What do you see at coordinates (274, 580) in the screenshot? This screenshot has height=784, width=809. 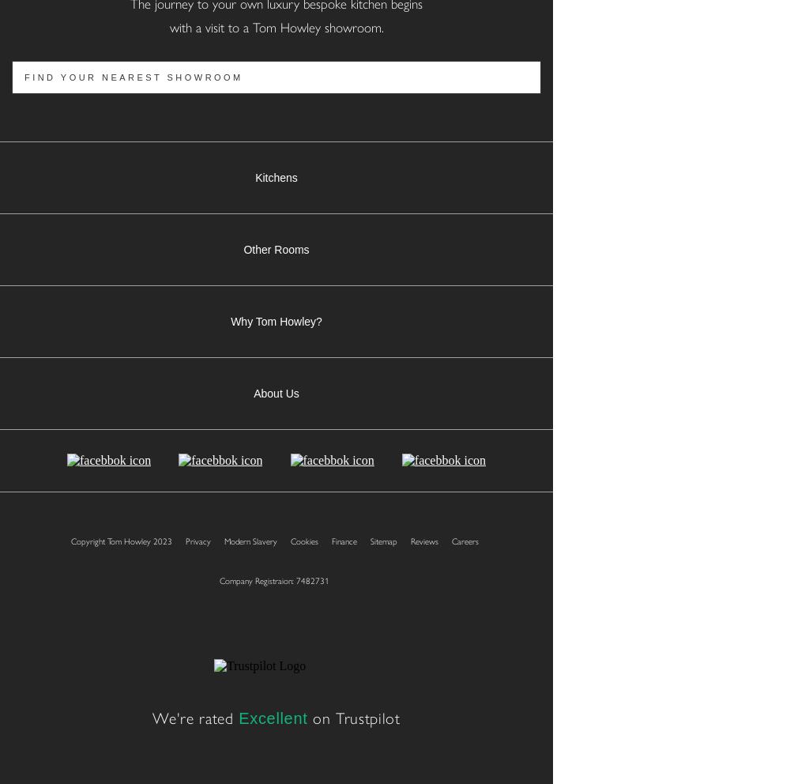 I see `'Company Registraion: 7482731'` at bounding box center [274, 580].